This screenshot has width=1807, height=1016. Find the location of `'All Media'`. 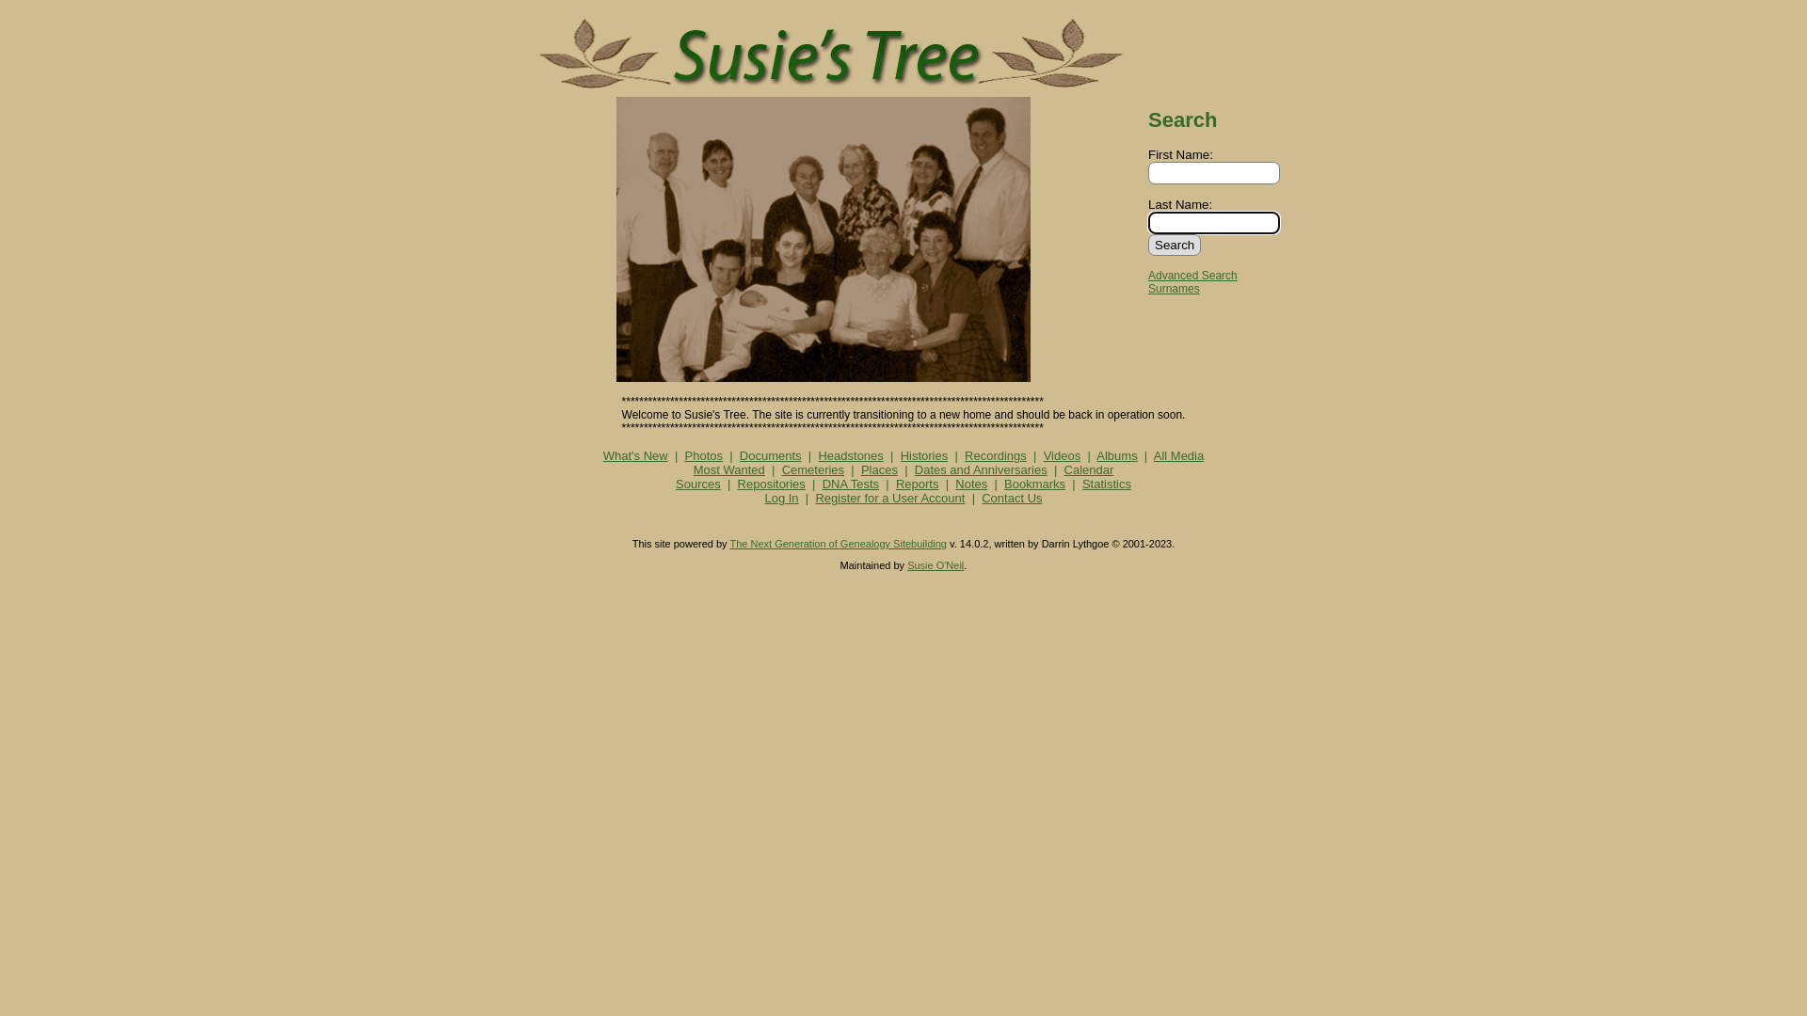

'All Media' is located at coordinates (1177, 455).